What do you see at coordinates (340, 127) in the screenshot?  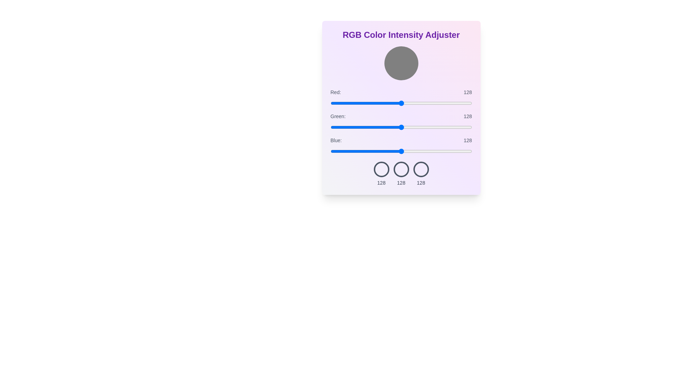 I see `the green slider to set its intensity to 17` at bounding box center [340, 127].